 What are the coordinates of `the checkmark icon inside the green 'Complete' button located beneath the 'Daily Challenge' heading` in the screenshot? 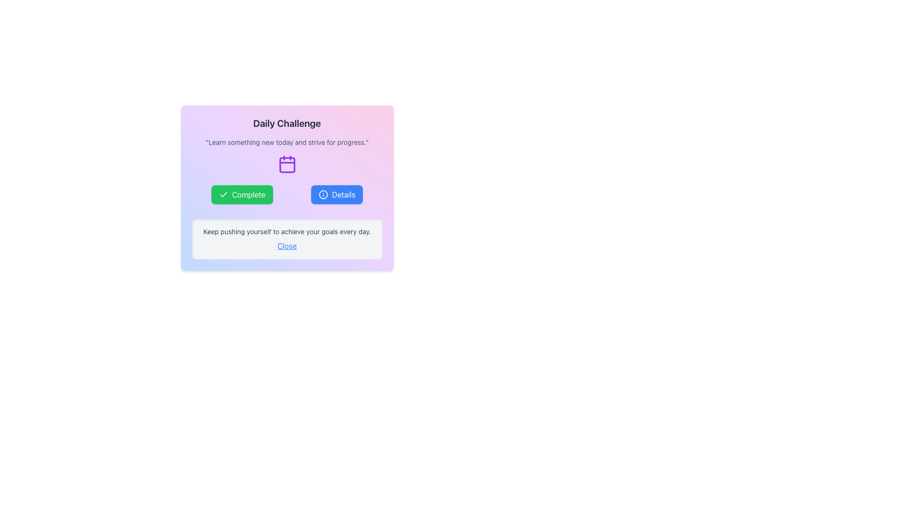 It's located at (223, 194).